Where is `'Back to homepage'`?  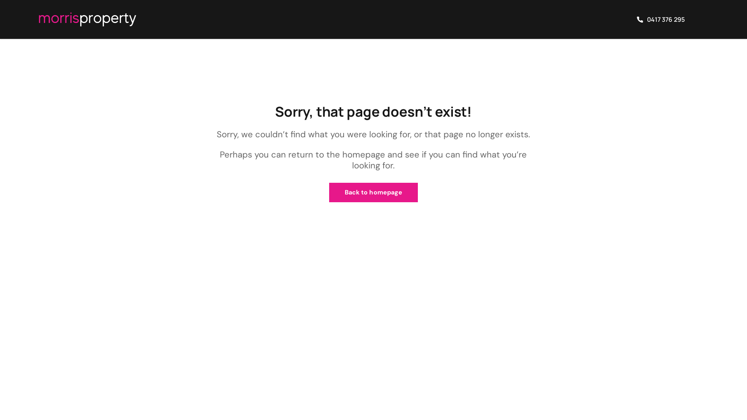 'Back to homepage' is located at coordinates (344, 192).